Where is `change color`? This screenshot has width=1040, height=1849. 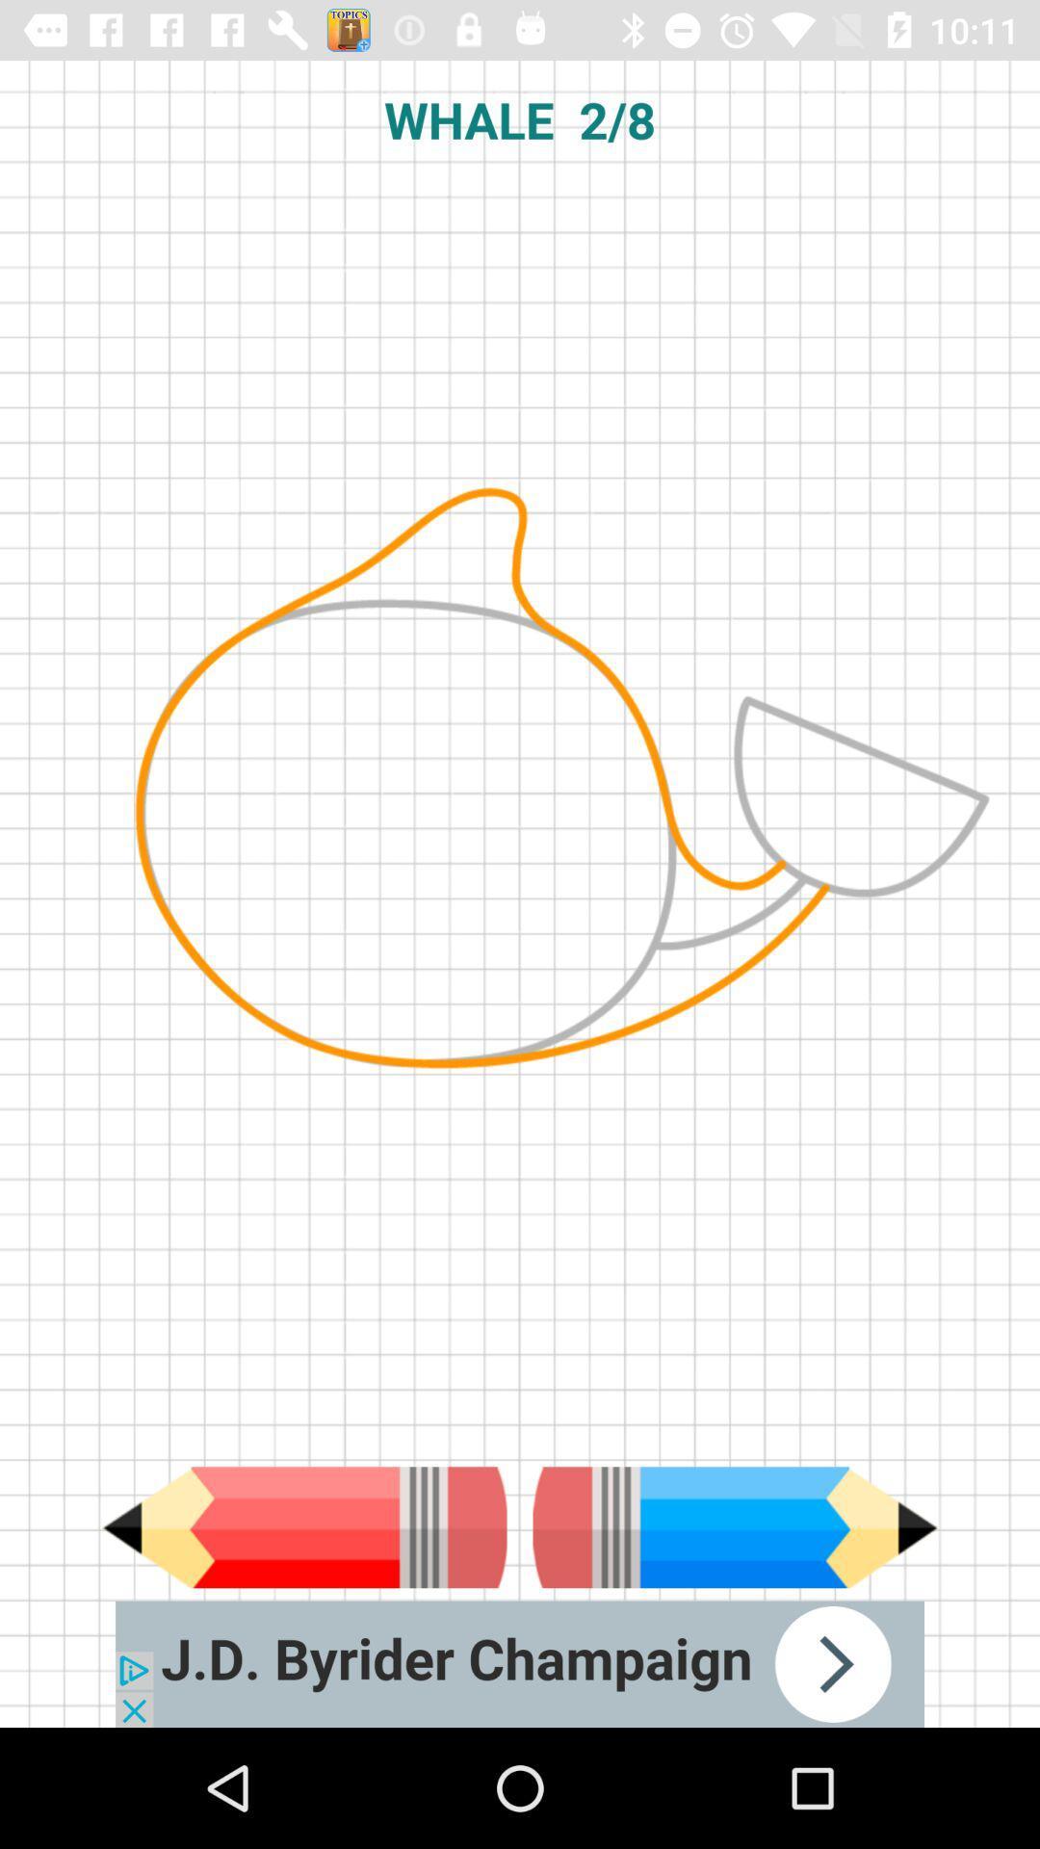 change color is located at coordinates (735, 1526).